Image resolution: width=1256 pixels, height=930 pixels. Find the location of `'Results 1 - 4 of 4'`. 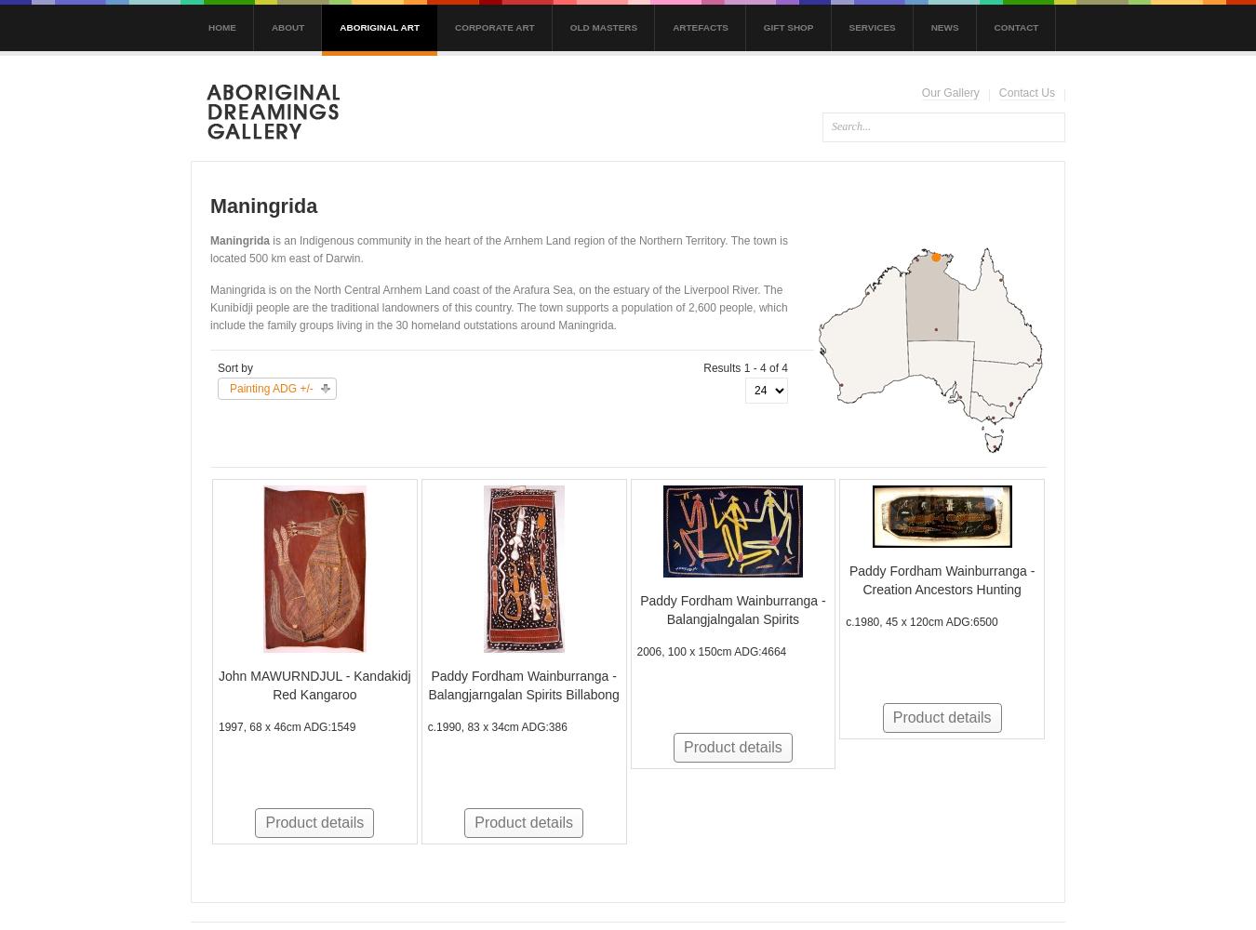

'Results 1 - 4 of 4' is located at coordinates (745, 367).